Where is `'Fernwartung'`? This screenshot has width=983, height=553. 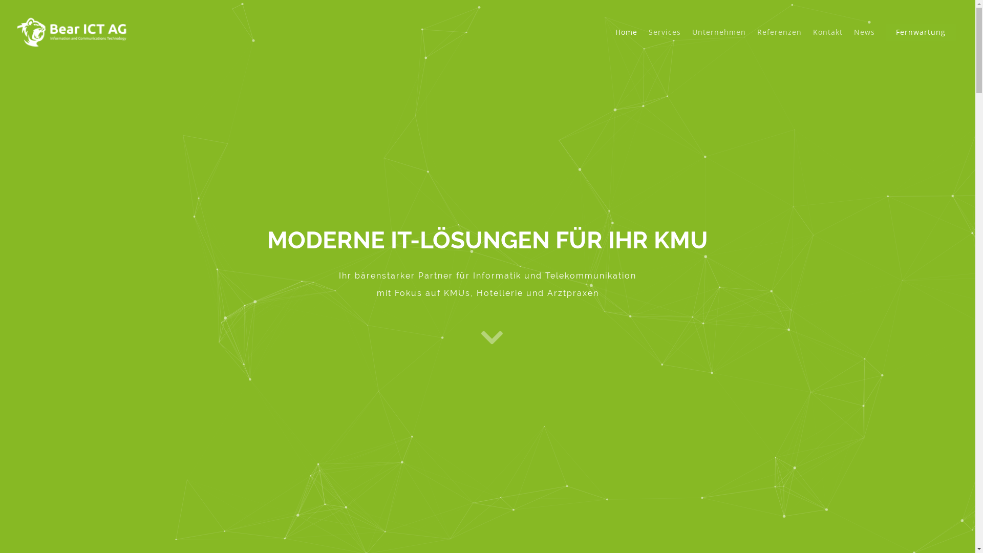
'Fernwartung' is located at coordinates (921, 39).